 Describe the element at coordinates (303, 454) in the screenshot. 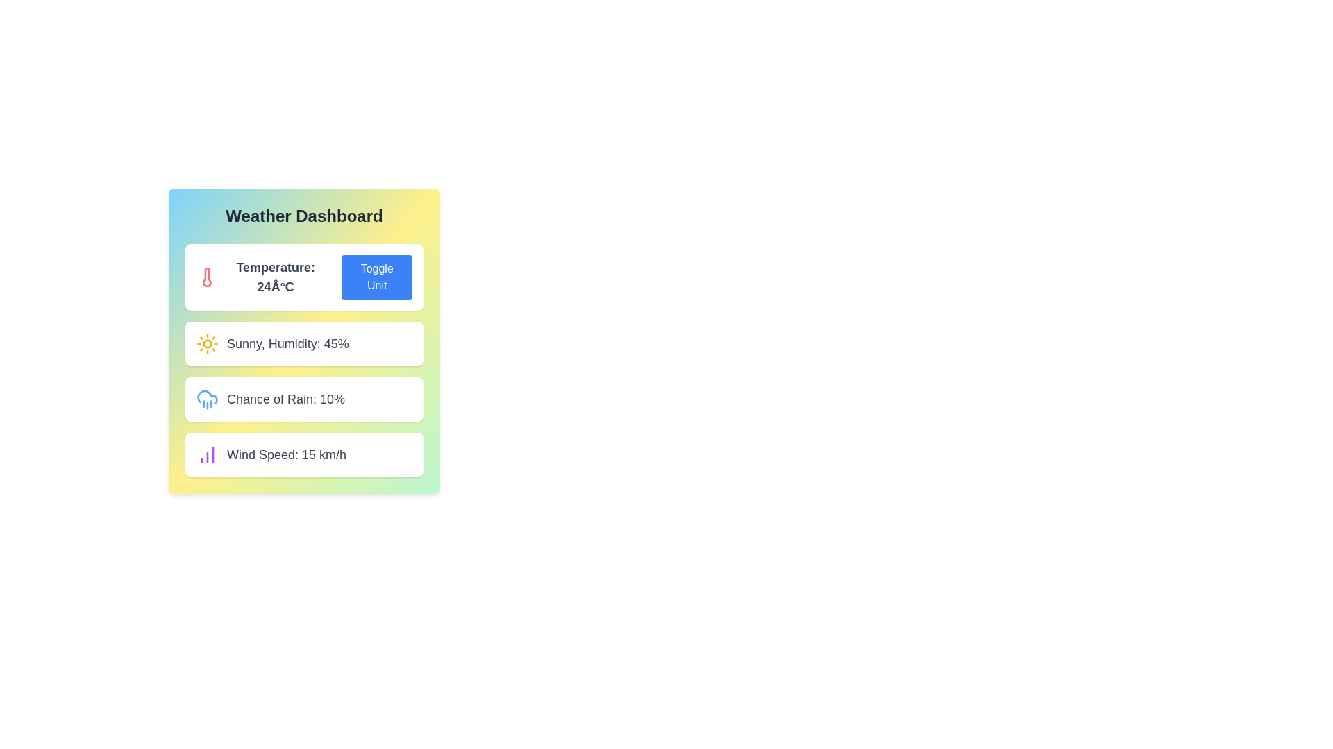

I see `the informational panel displaying wind speed, which has a white background, rounded corners, and contains an icon of purple vertical bars indicating a chart, positioned at the bottom of the weather information list` at that location.